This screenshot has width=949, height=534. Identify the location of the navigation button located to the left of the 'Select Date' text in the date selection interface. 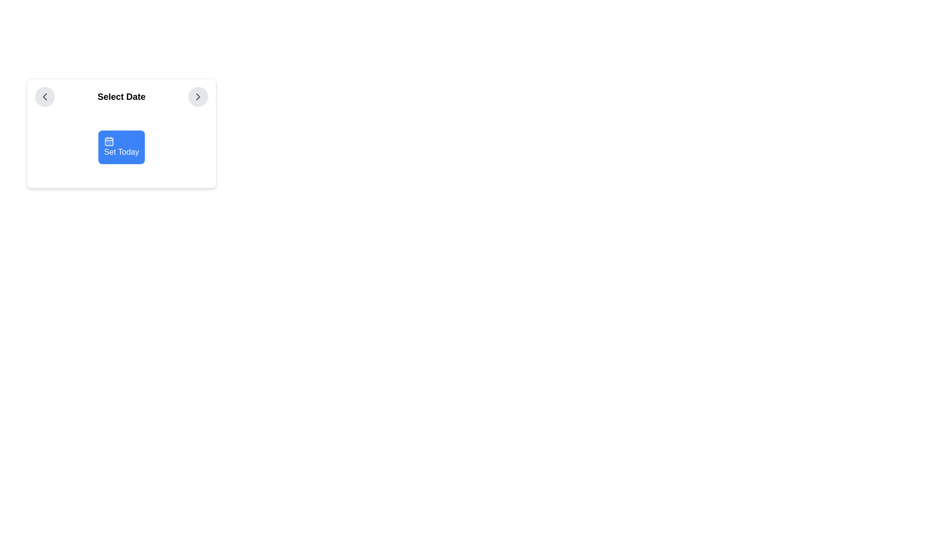
(44, 97).